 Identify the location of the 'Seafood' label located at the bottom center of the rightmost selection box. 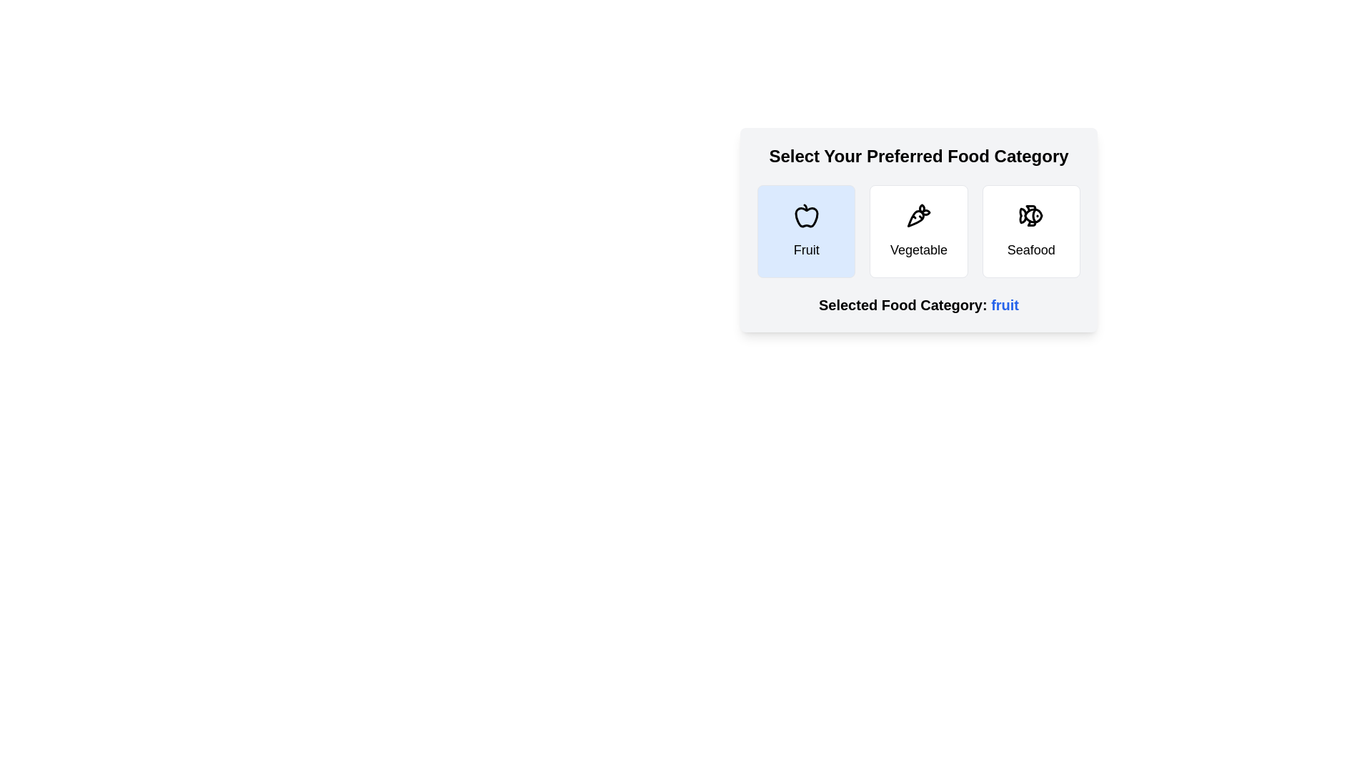
(1031, 249).